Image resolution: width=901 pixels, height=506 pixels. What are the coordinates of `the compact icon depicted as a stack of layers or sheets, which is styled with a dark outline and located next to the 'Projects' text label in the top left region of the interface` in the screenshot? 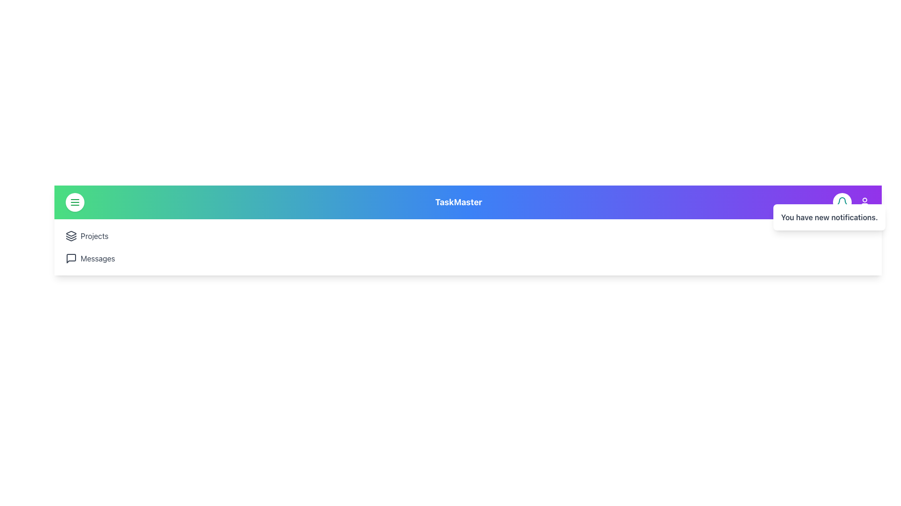 It's located at (71, 236).